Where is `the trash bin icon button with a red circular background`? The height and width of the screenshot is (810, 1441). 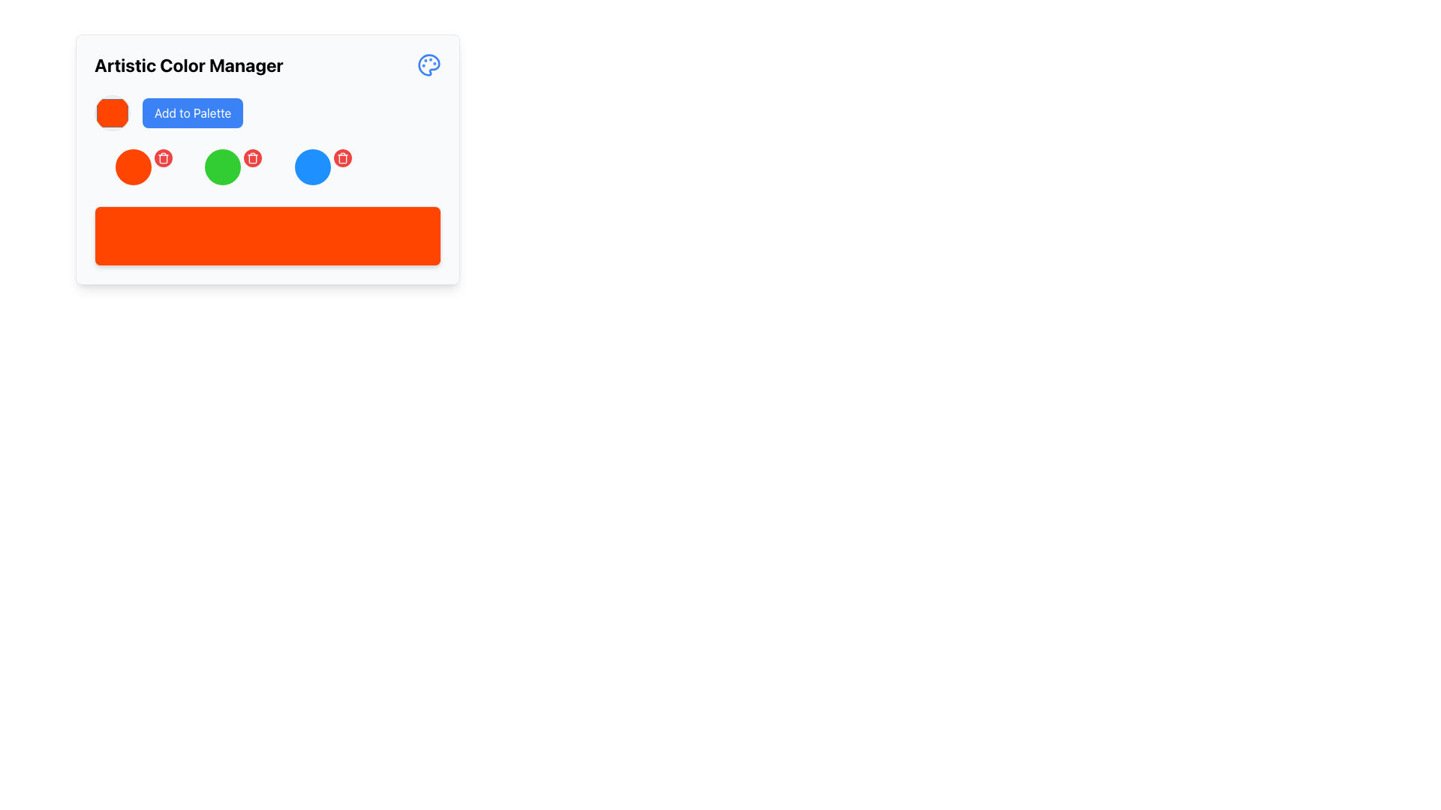
the trash bin icon button with a red circular background is located at coordinates (252, 158).